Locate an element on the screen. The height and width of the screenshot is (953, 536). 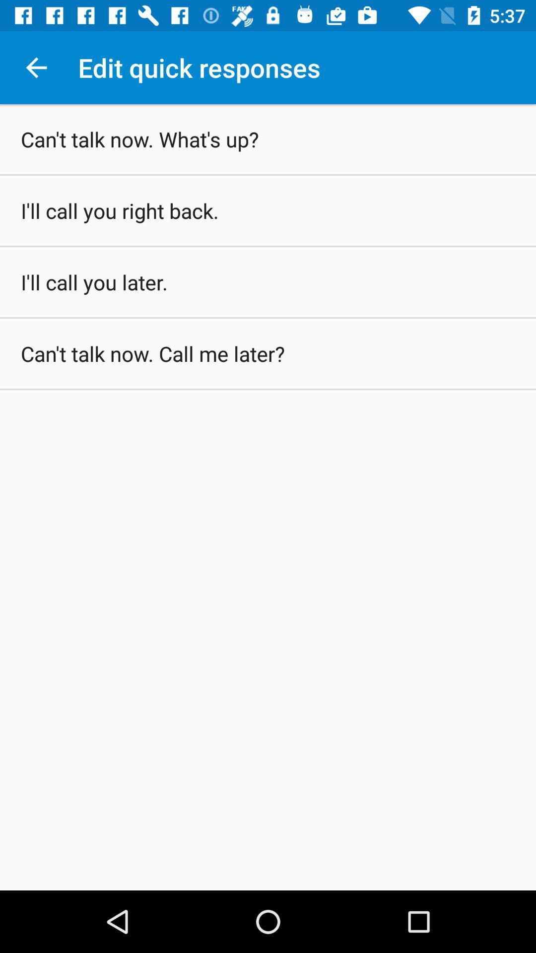
the icon above can t talk icon is located at coordinates (36, 67).